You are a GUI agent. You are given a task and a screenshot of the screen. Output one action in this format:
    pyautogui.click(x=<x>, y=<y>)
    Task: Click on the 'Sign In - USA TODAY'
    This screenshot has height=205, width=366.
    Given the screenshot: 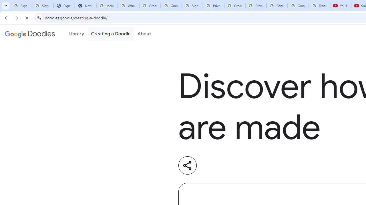 What is the action you would take?
    pyautogui.click(x=64, y=6)
    